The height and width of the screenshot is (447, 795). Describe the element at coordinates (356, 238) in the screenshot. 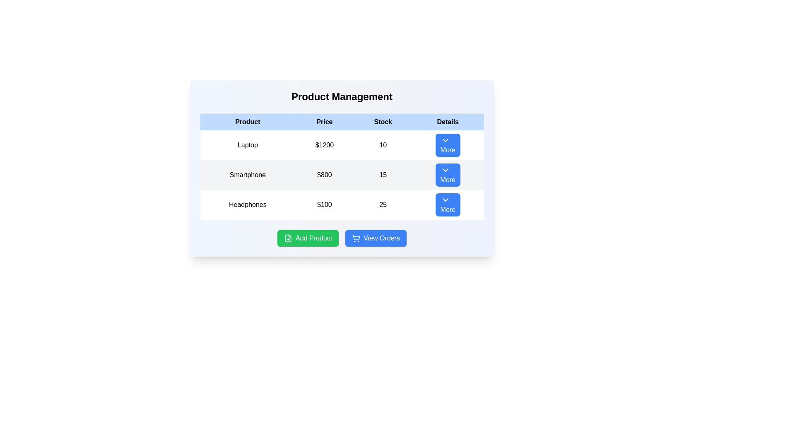

I see `the shopping cart icon that is part of the 'View Orders' button, located to the left of the button text` at that location.